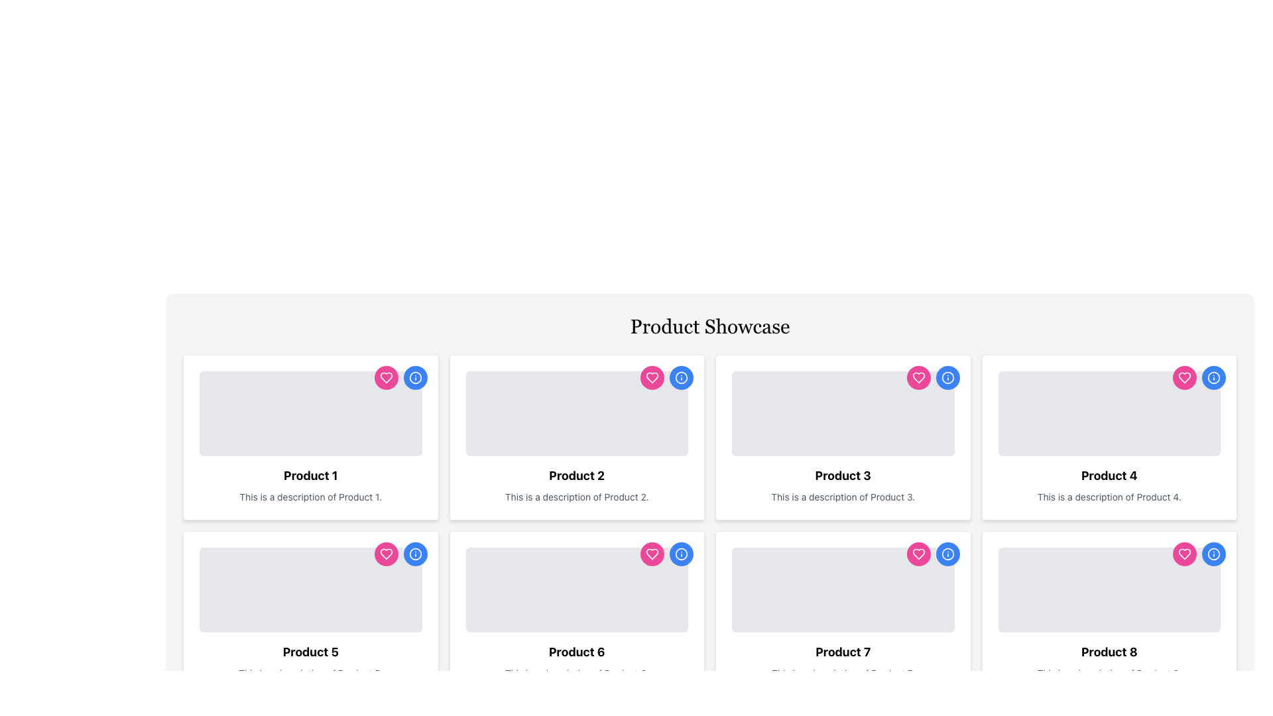 Image resolution: width=1273 pixels, height=716 pixels. What do you see at coordinates (842, 613) in the screenshot?
I see `the product information card, which is the seventh item in a grid layout, located in the bottom-left quadrant, directly below 'Product 3' and left of 'Product 8'` at bounding box center [842, 613].